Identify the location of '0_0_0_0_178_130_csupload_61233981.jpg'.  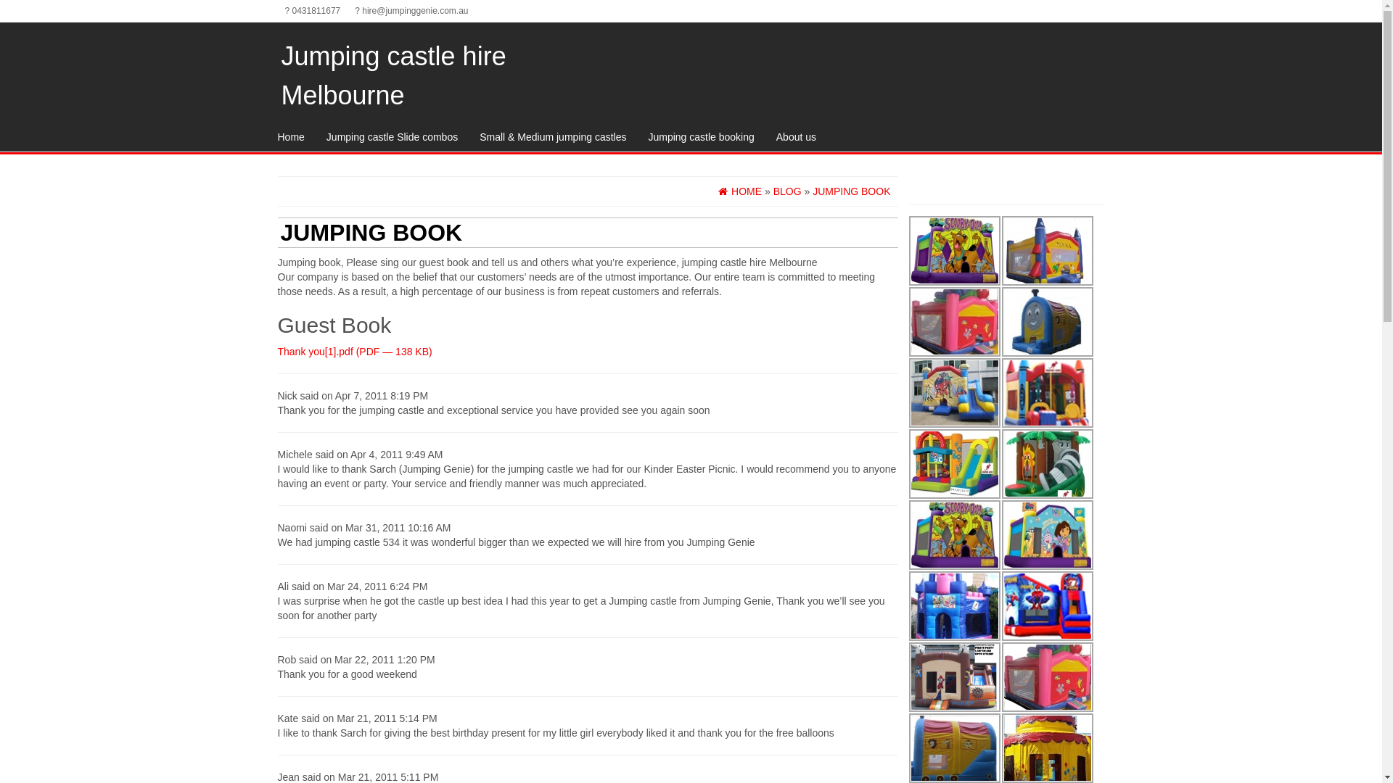
(1047, 320).